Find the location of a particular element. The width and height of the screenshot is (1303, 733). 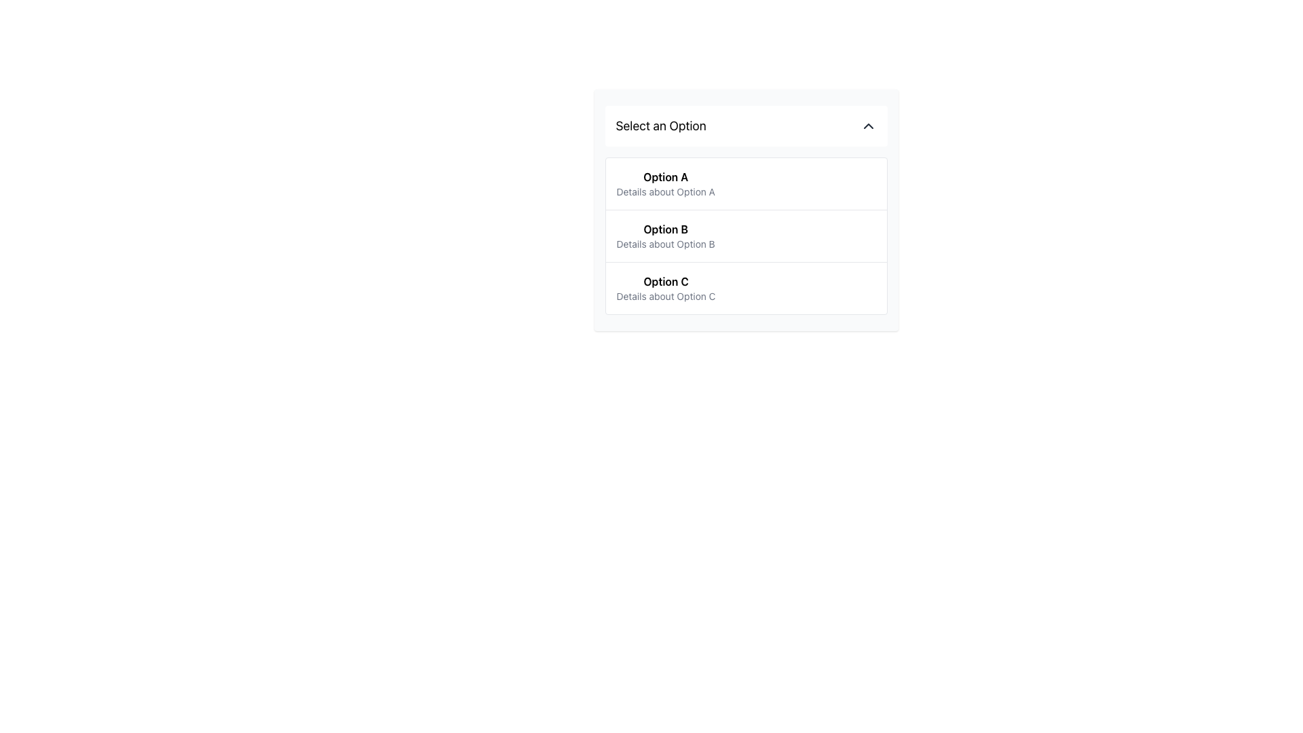

the 'Option C' text label is located at coordinates (666, 281).